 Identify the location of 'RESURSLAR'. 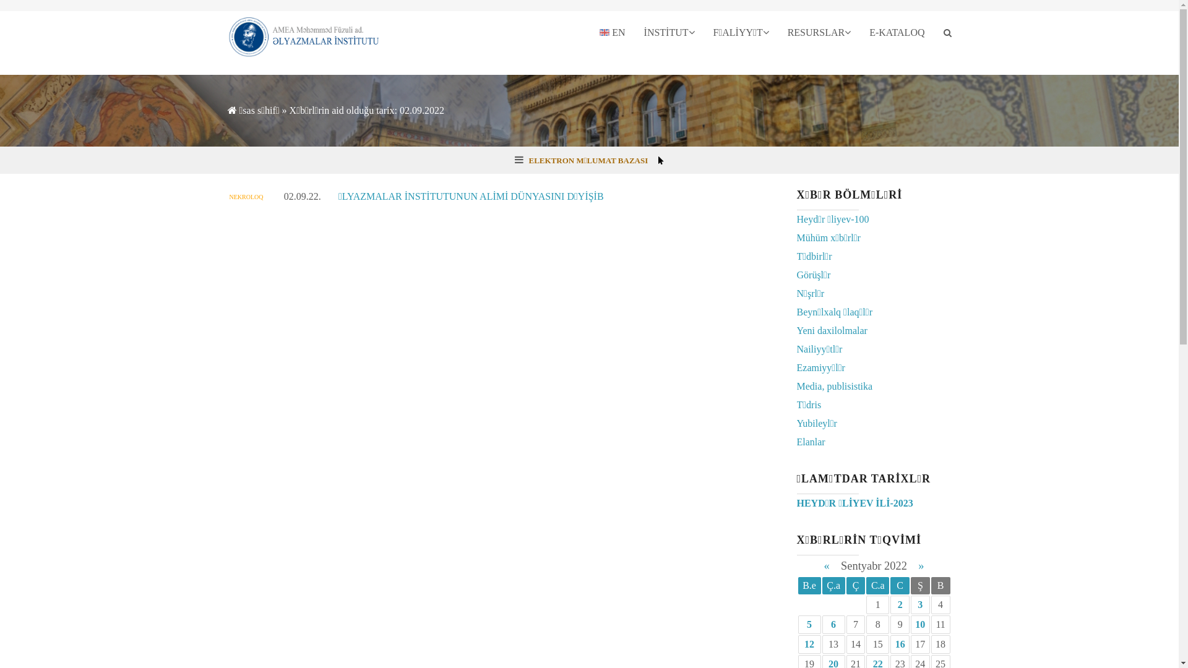
(777, 32).